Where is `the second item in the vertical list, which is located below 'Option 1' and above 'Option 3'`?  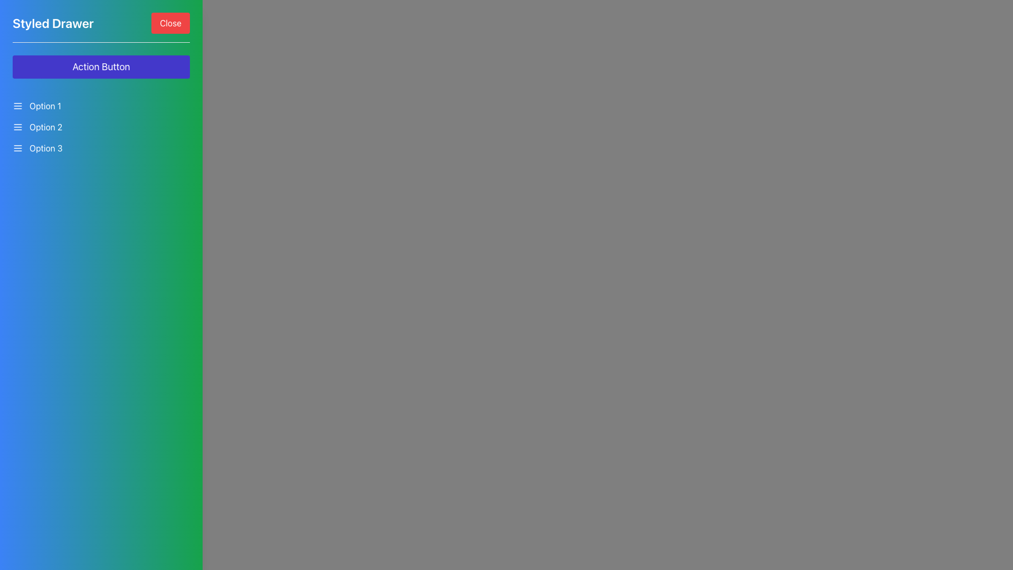
the second item in the vertical list, which is located below 'Option 1' and above 'Option 3' is located at coordinates (101, 126).